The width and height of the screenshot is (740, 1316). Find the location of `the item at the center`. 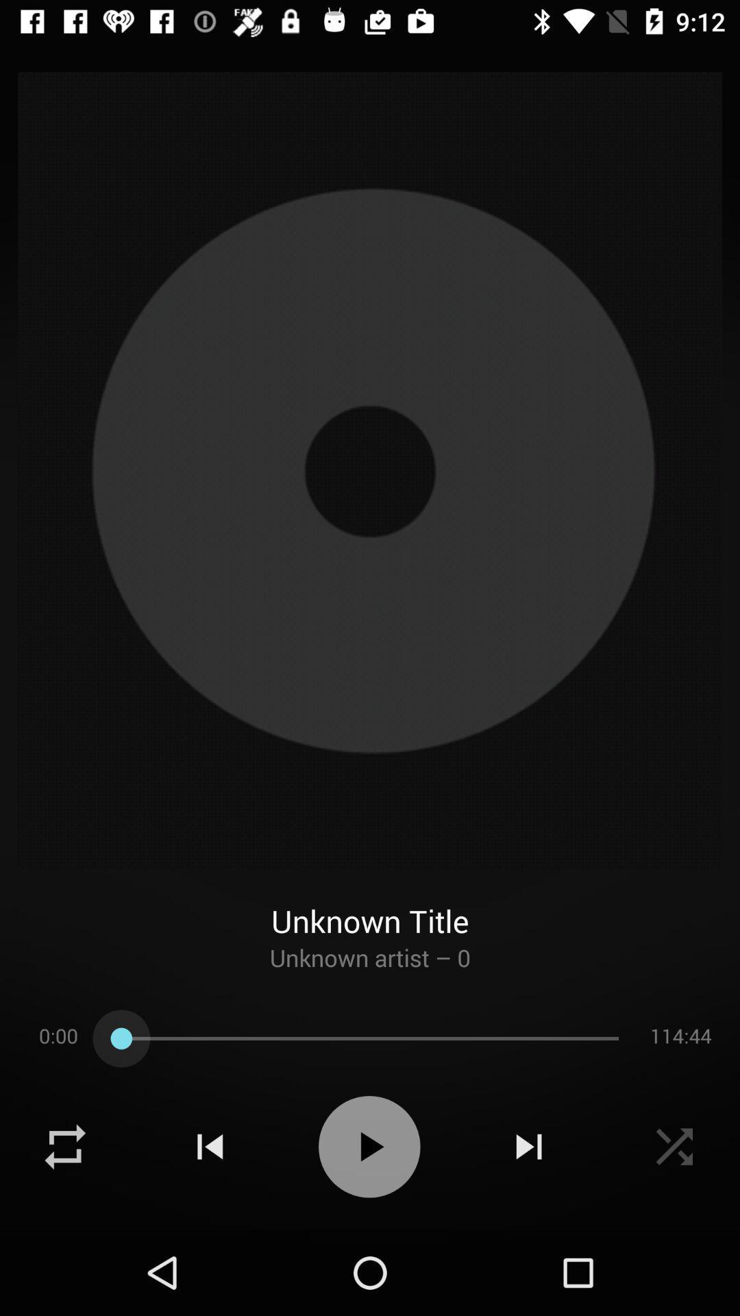

the item at the center is located at coordinates (370, 470).